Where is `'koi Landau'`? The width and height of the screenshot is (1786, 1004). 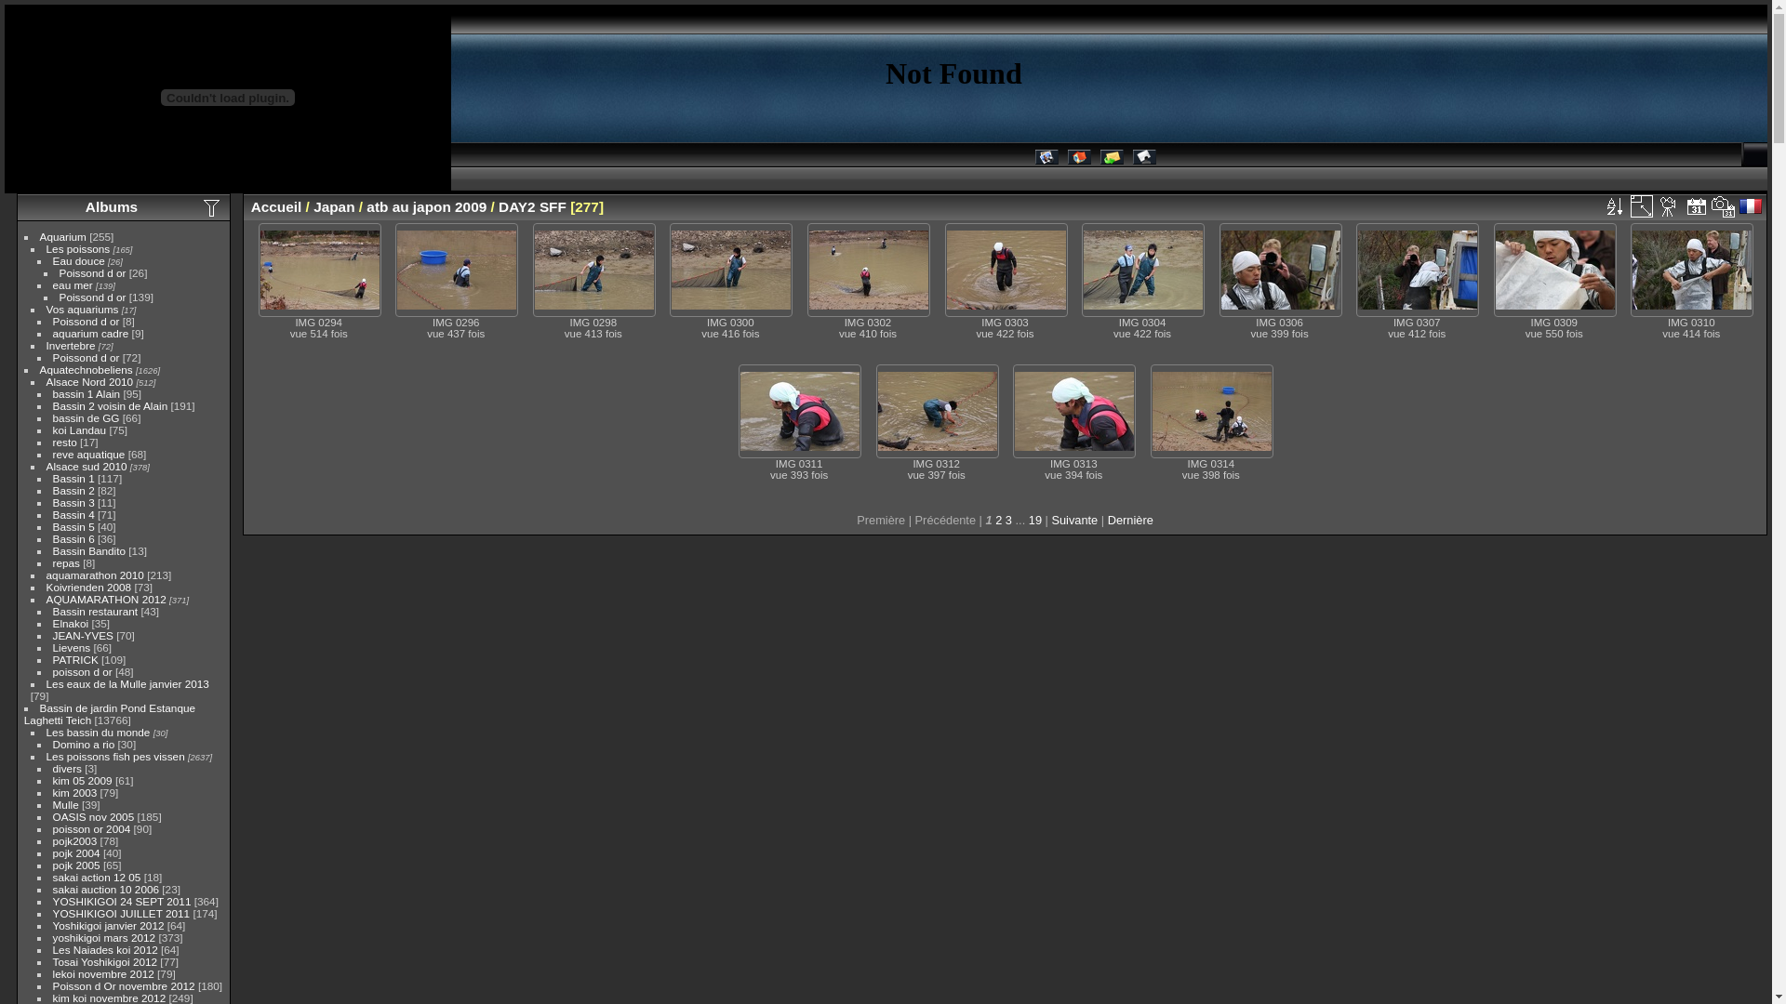 'koi Landau' is located at coordinates (79, 429).